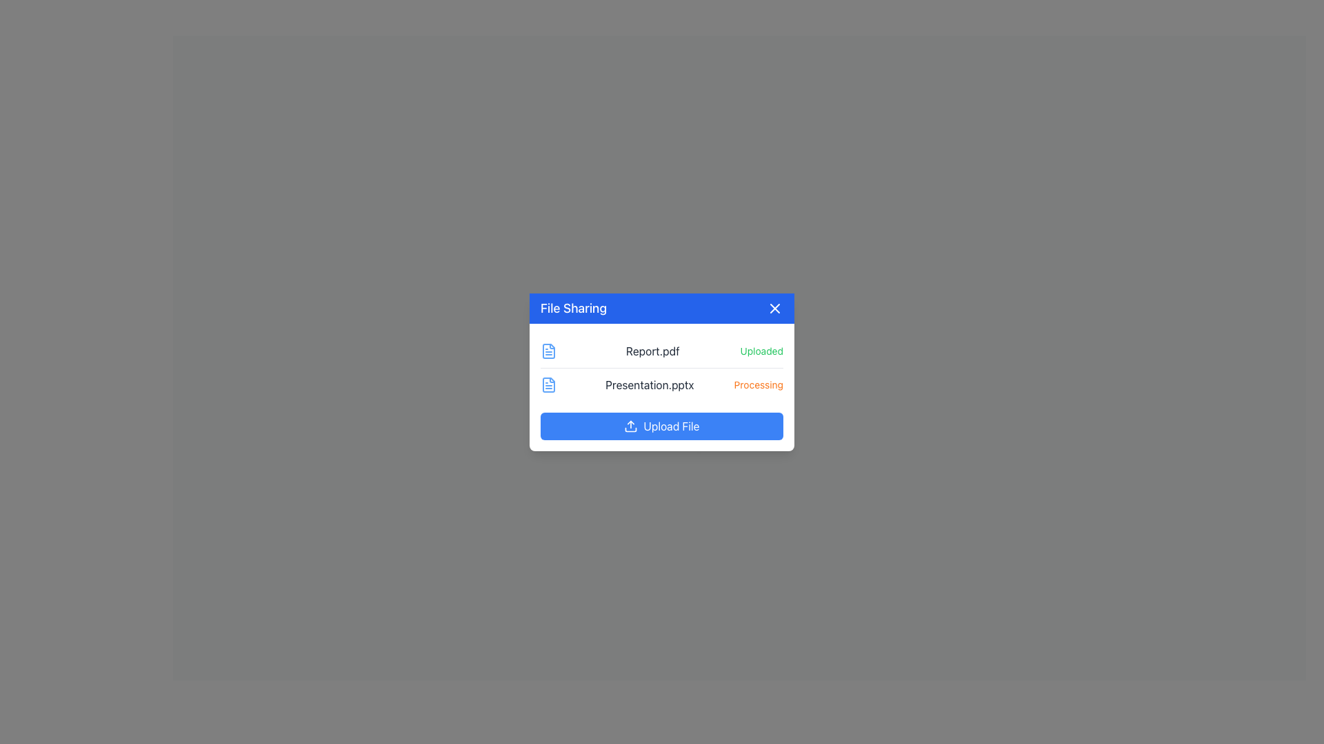 Image resolution: width=1324 pixels, height=744 pixels. Describe the element at coordinates (573, 307) in the screenshot. I see `the text label located in the top section of the rectangular blue header, which serves as the title for the section or card component` at that location.